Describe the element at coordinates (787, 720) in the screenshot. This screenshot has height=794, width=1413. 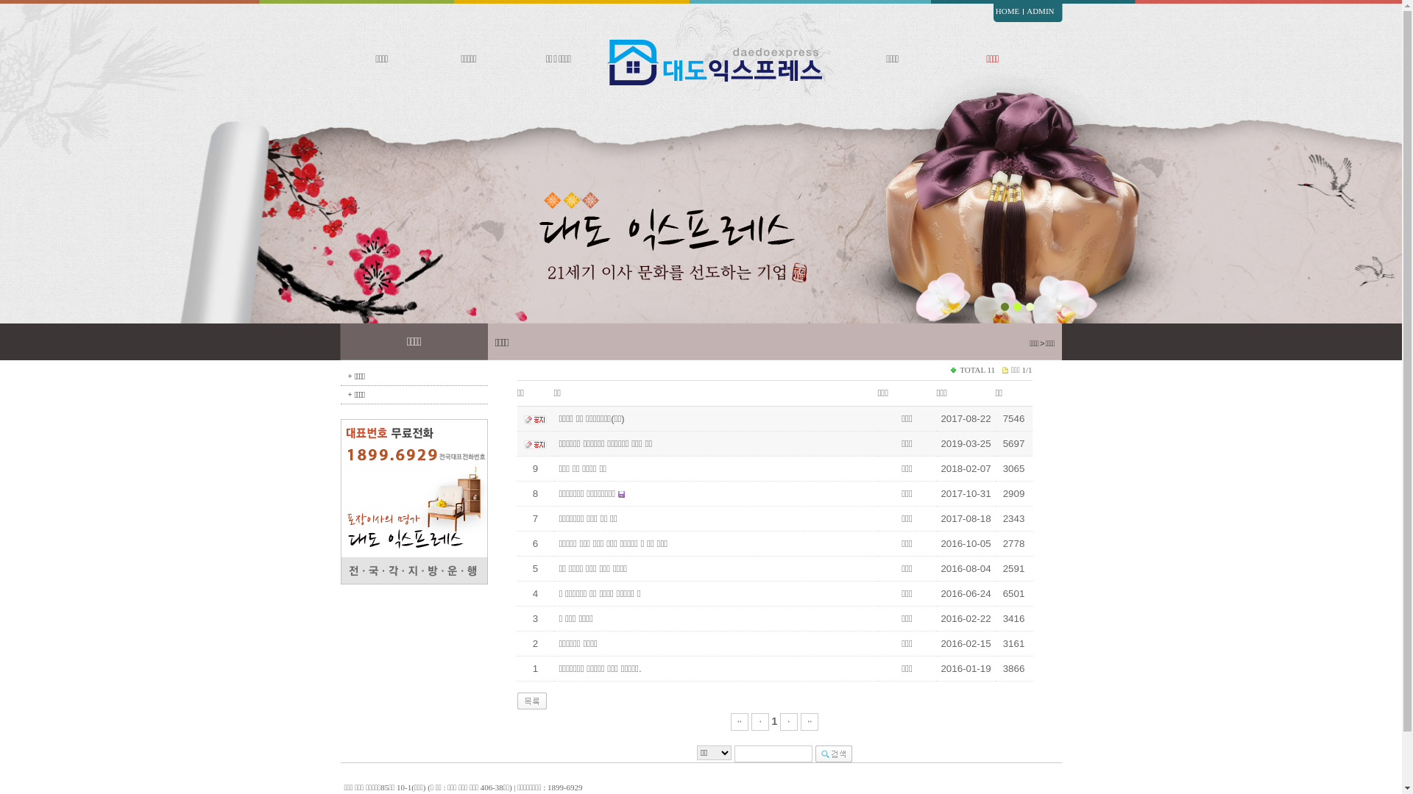
I see `'Go to the next page'` at that location.